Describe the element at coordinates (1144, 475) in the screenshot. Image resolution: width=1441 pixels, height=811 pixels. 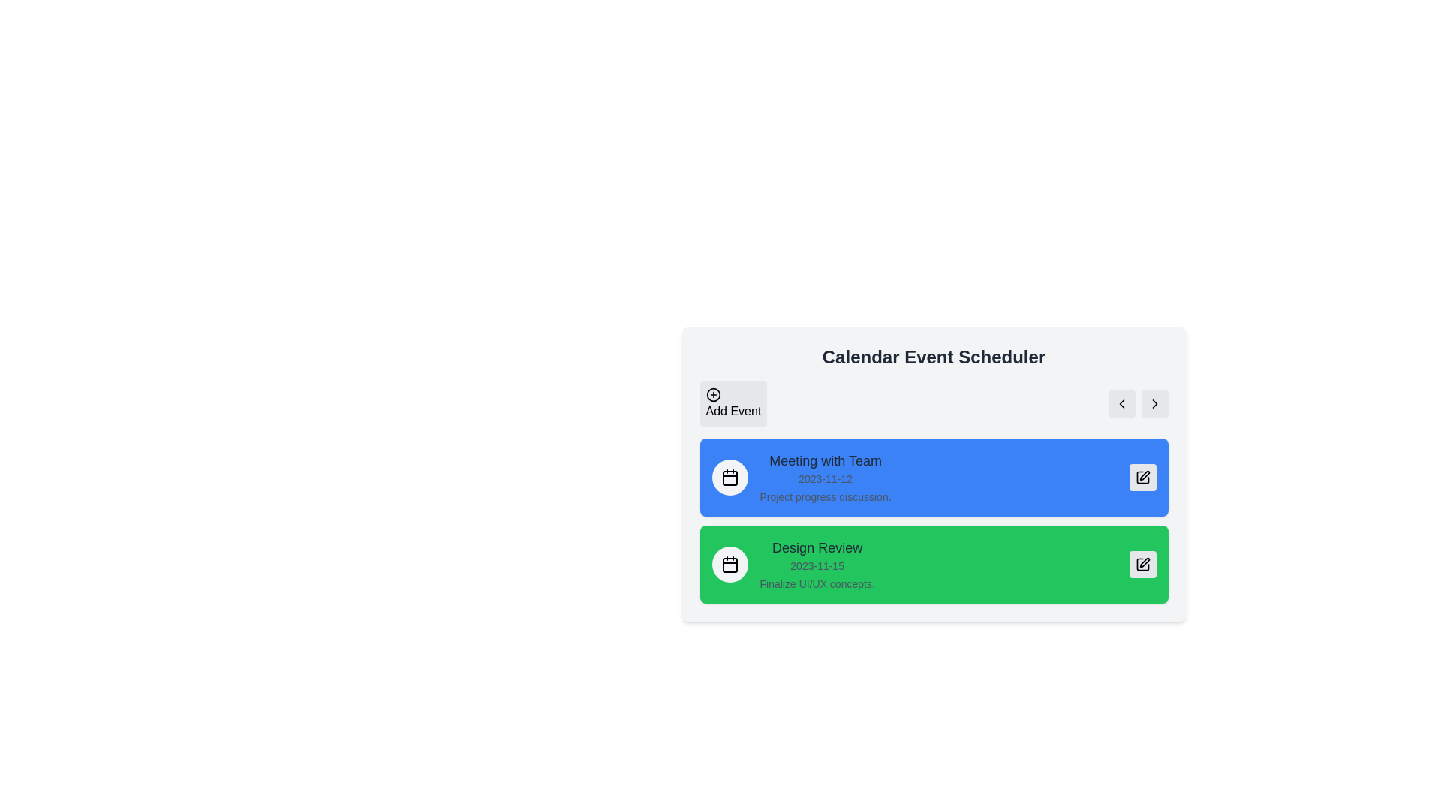
I see `the icon button located in the blue event section labeled 'Meeting with Team'` at that location.